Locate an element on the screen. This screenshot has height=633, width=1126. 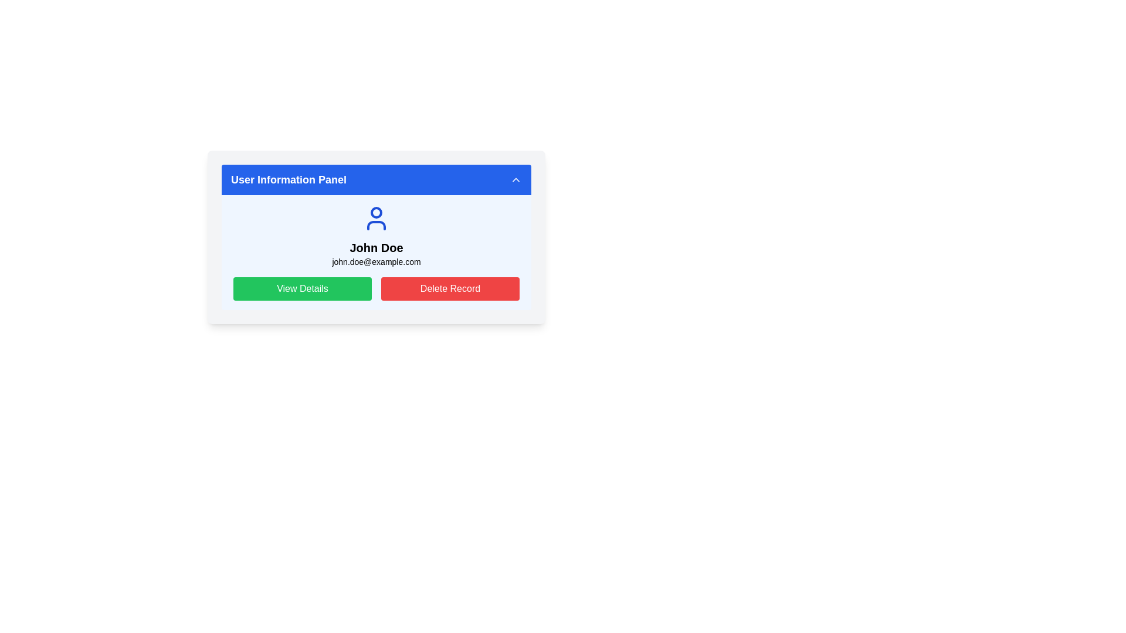
the text element displaying the email address, which is styled in small font and positioned below the bold title 'John Doe' in the user information panel is located at coordinates (377, 261).